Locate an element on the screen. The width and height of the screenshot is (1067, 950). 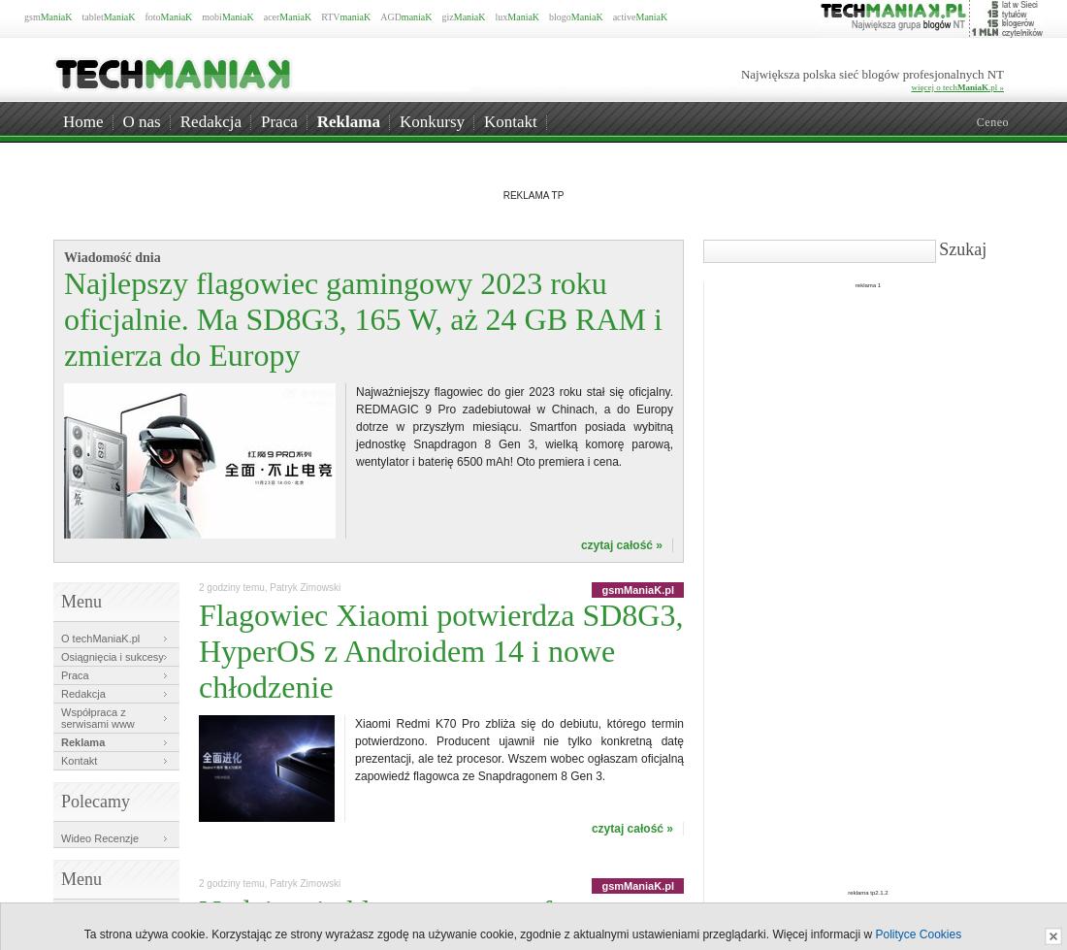
'Największa polska sieć blogów profesjonalnych NT' is located at coordinates (872, 74).